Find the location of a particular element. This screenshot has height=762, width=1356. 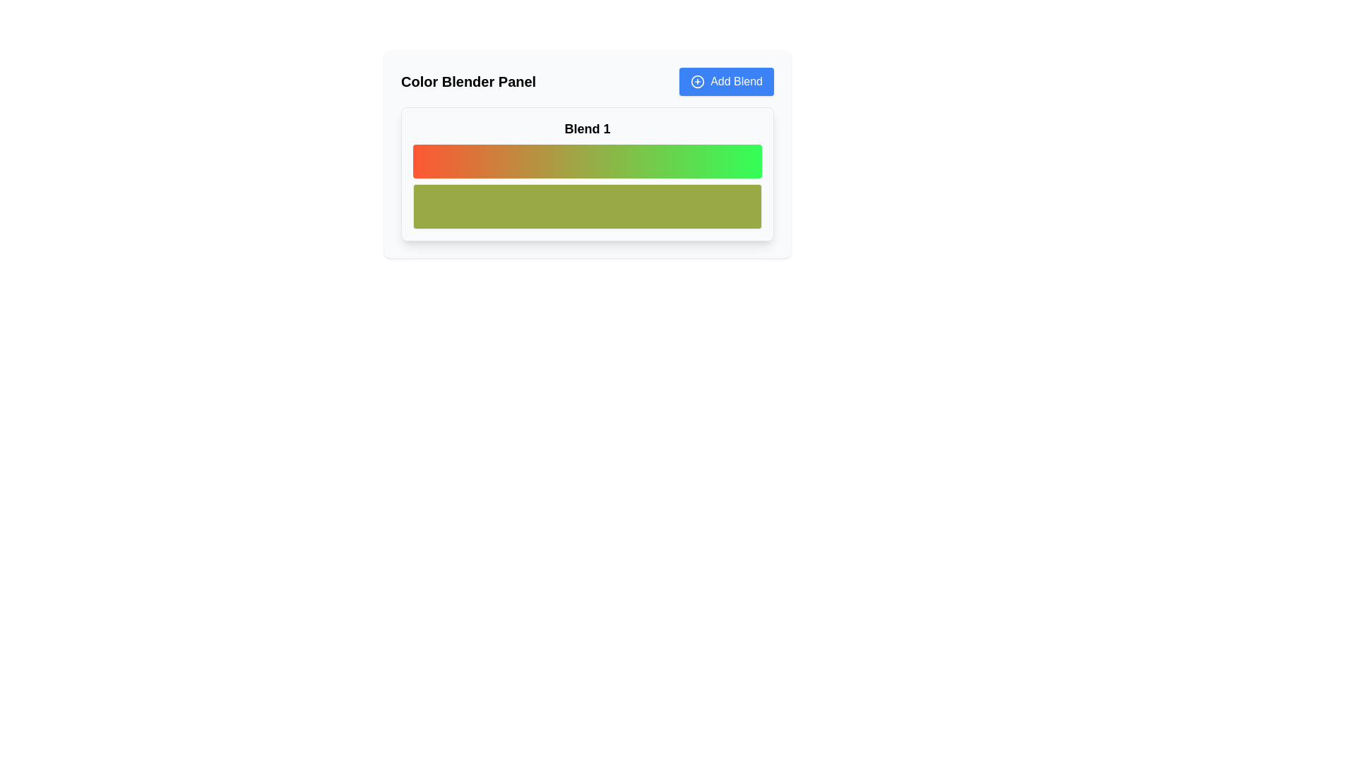

the 'Color Blender Panel' title text label located at the leftmost position above the main content area, adjacent to the 'Add Blend' button is located at coordinates (468, 81).